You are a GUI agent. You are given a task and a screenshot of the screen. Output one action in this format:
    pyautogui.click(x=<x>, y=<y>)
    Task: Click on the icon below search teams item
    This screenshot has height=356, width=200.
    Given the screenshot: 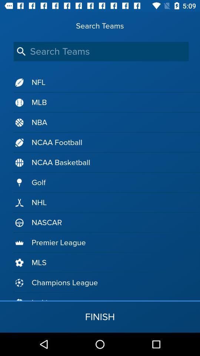 What is the action you would take?
    pyautogui.click(x=101, y=51)
    